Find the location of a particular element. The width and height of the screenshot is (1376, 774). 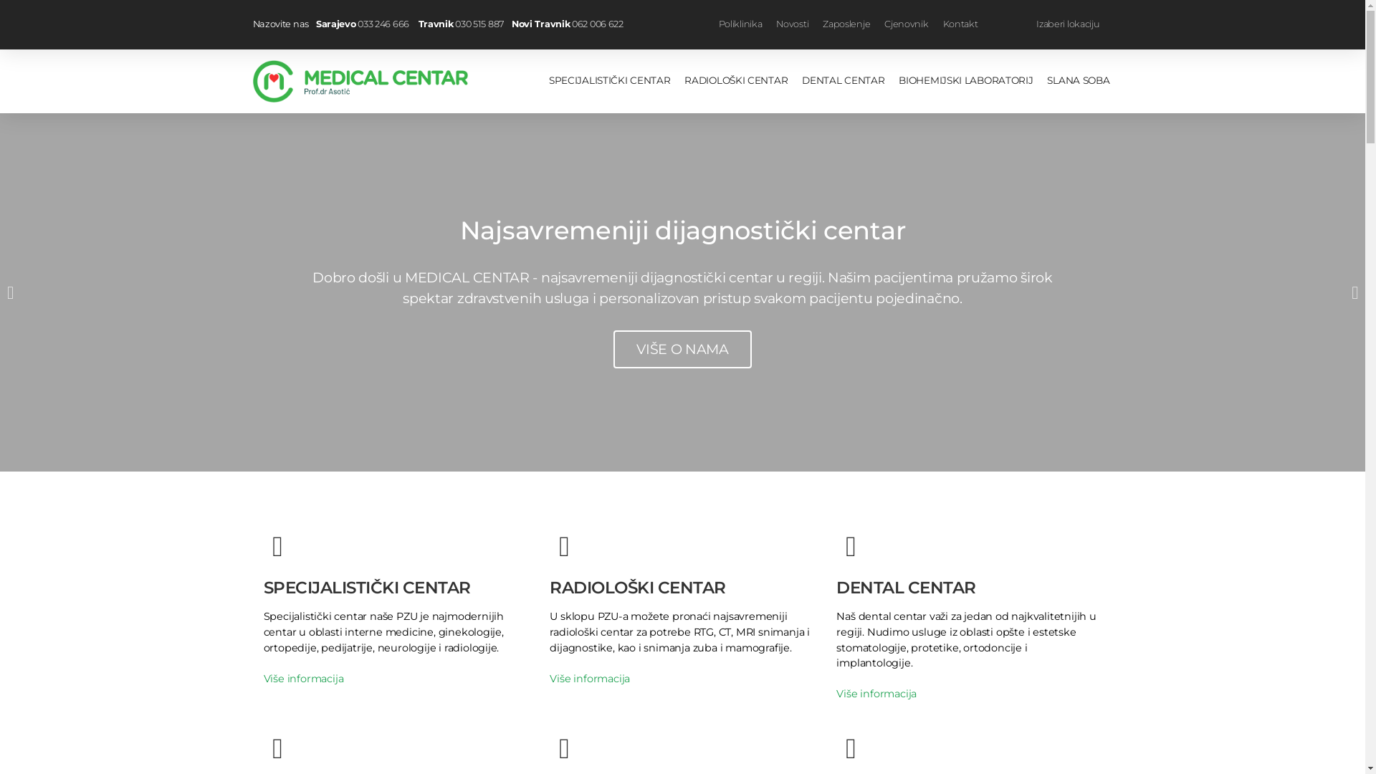

'Zaposlenje' is located at coordinates (846, 24).